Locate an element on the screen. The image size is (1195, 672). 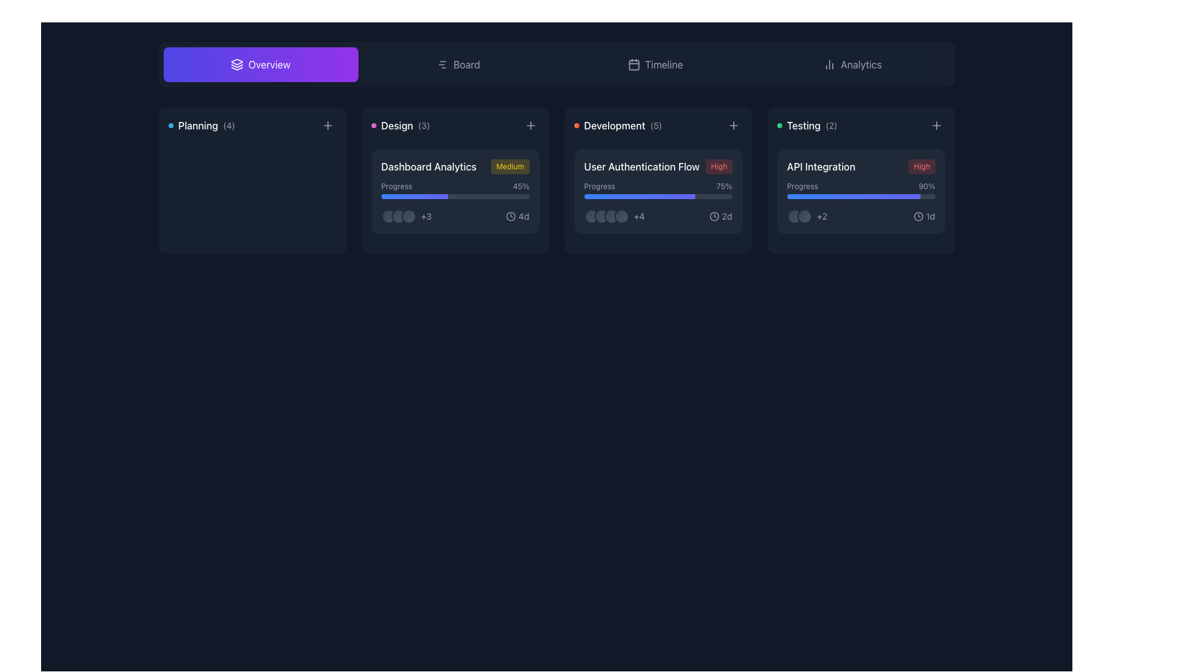
the progress indicator visually representing approximately 75% completion for the 'User Authentication Flow' task, located inside the progress bar under the 'User Authentication Flow' card in the 'Development' section is located at coordinates (639, 196).